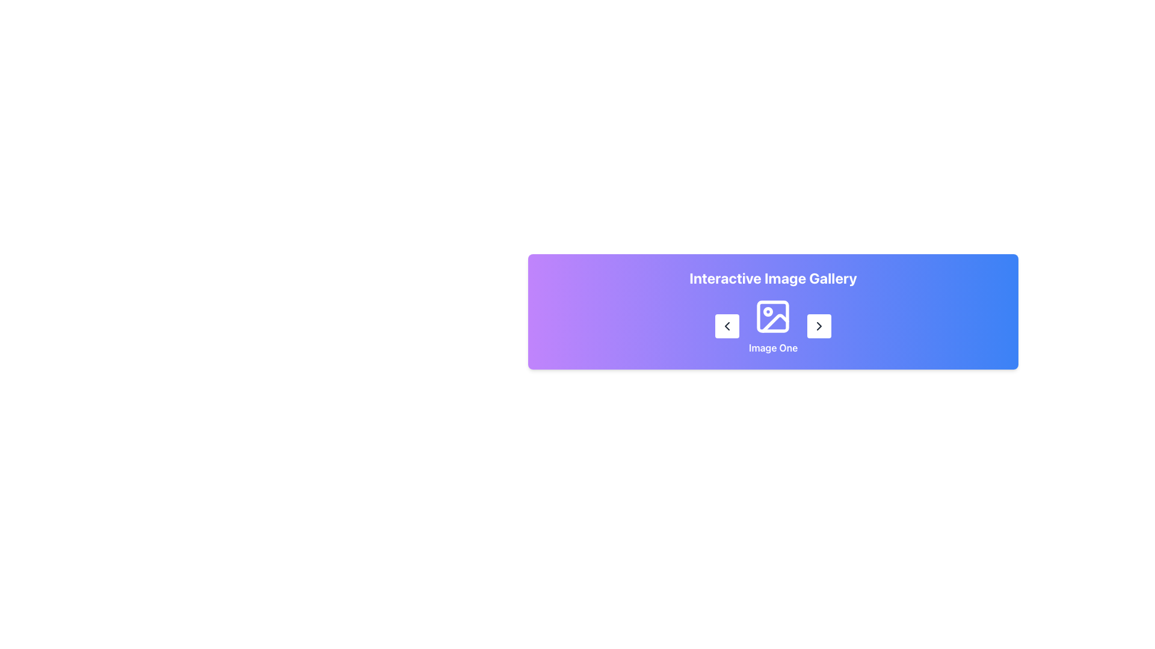 The height and width of the screenshot is (649, 1155). What do you see at coordinates (819, 326) in the screenshot?
I see `the right navigation button located to the right of the 'Image One' text and image icon in the interactive gallery` at bounding box center [819, 326].